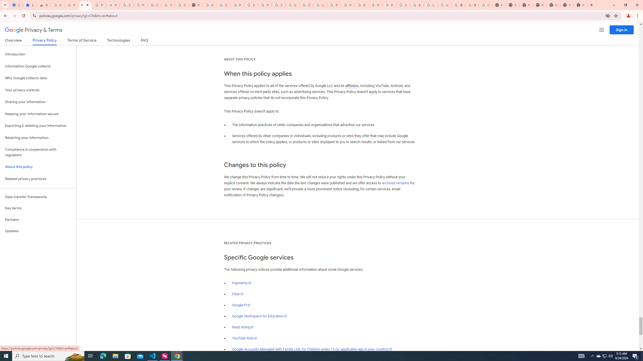 The image size is (643, 361). What do you see at coordinates (259, 316) in the screenshot?
I see `'Google Workspace for Education'` at bounding box center [259, 316].